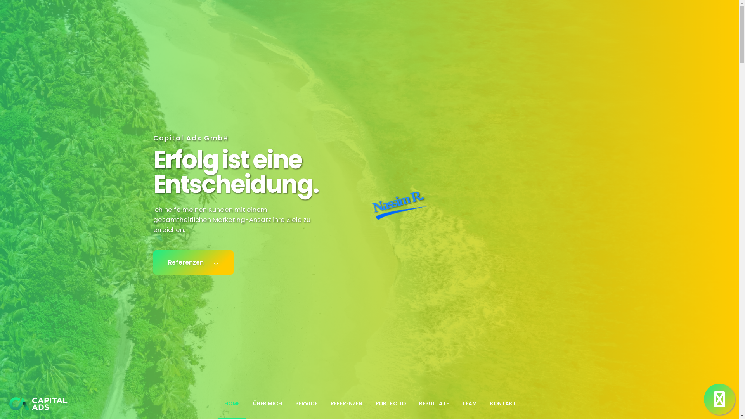  Describe the element at coordinates (152, 262) in the screenshot. I see `'Referenzen'` at that location.